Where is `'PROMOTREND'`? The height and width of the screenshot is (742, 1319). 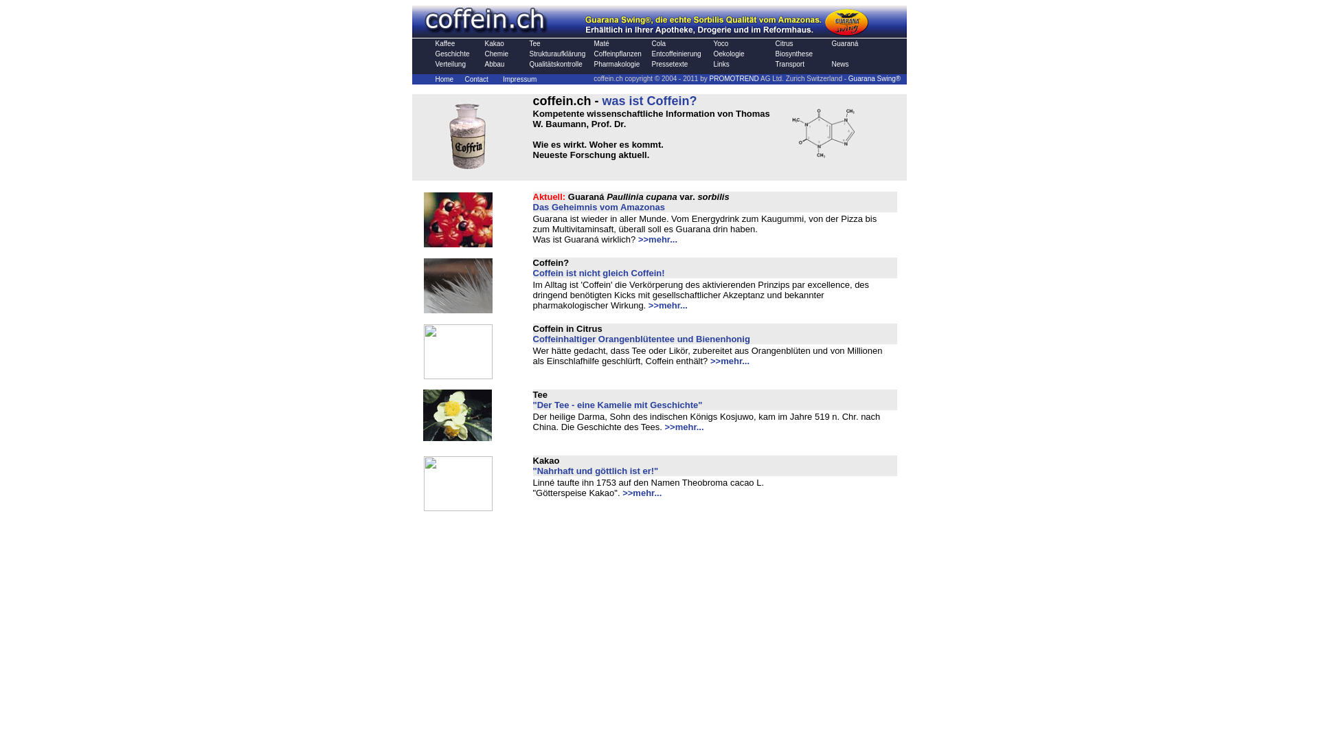
'PROMOTREND' is located at coordinates (734, 78).